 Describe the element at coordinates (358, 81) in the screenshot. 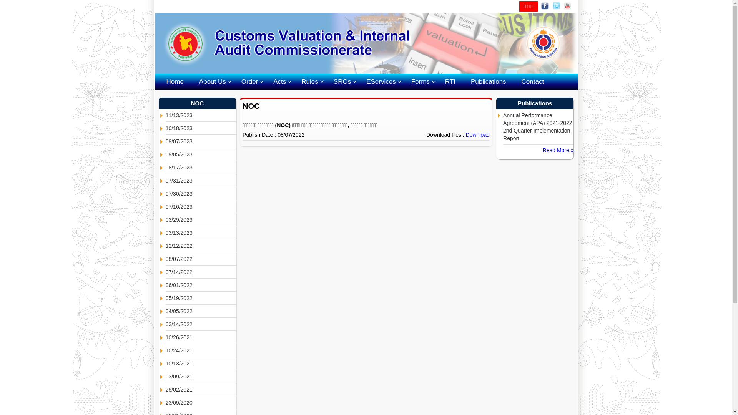

I see `'EServices'` at that location.